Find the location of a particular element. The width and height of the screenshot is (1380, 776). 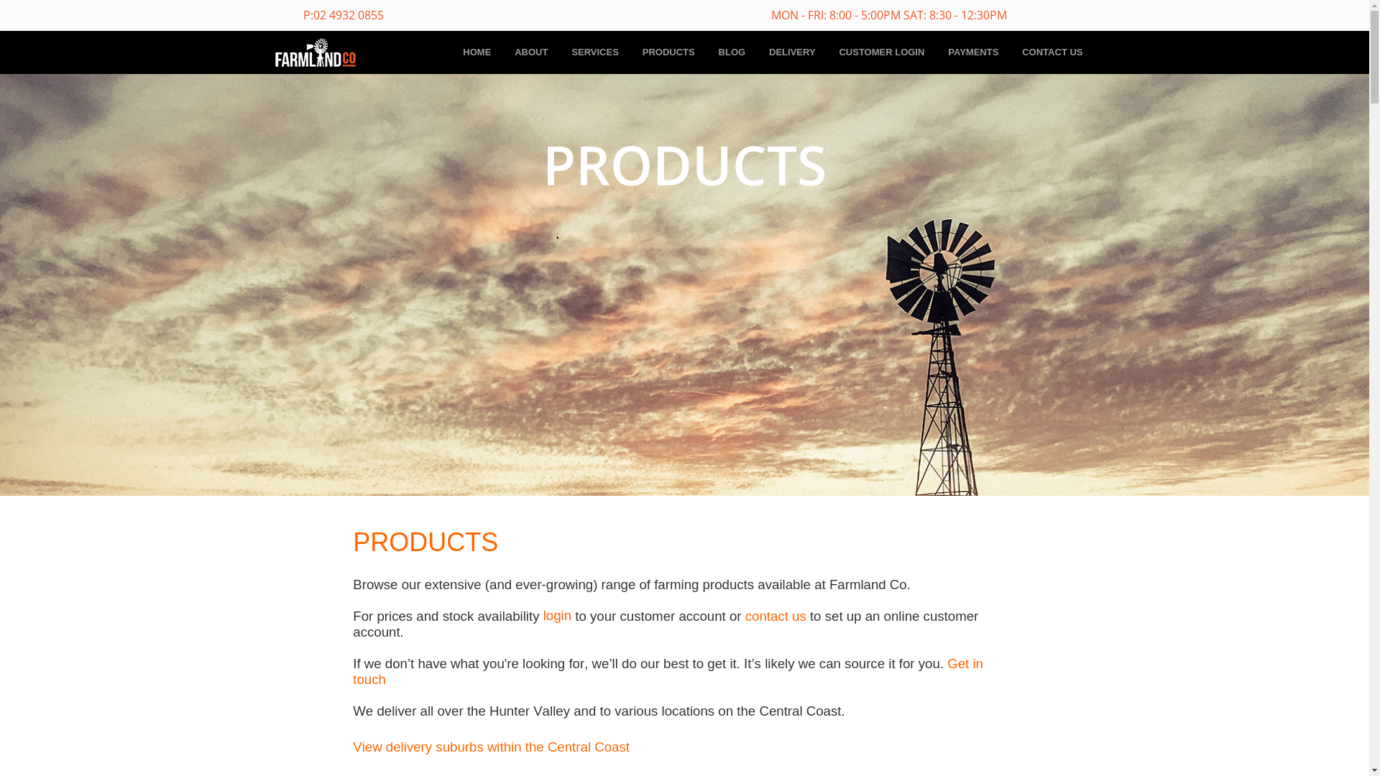

'P:02 4932 0855' is located at coordinates (343, 16).